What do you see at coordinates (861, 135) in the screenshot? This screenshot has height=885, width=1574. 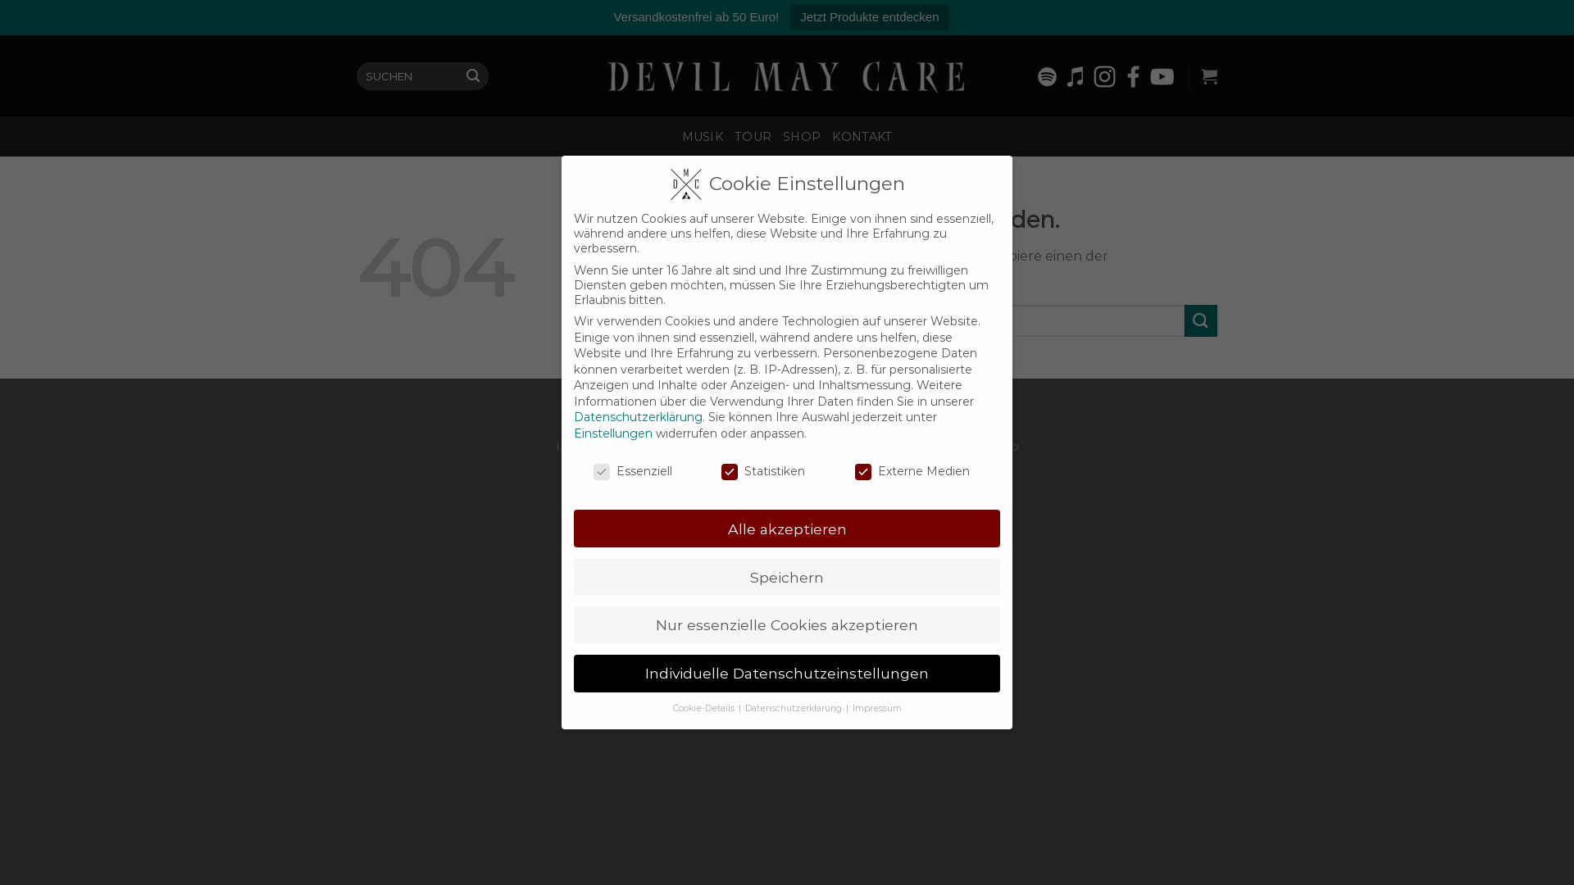 I see `'KONTAKT'` at bounding box center [861, 135].